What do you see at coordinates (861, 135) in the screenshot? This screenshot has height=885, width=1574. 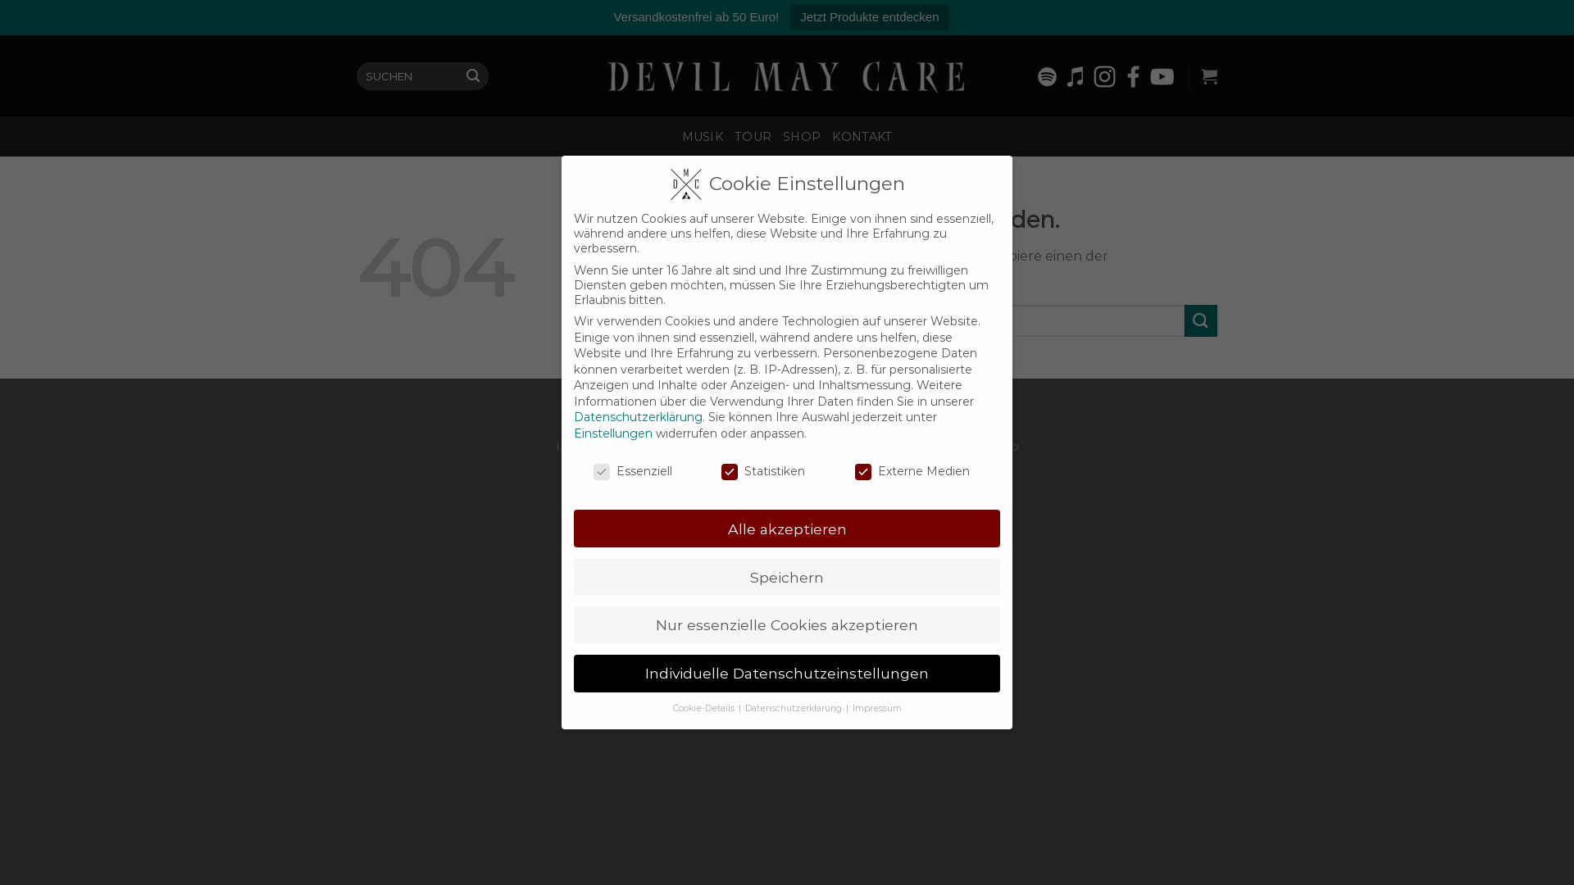 I see `'KONTAKT'` at bounding box center [861, 135].